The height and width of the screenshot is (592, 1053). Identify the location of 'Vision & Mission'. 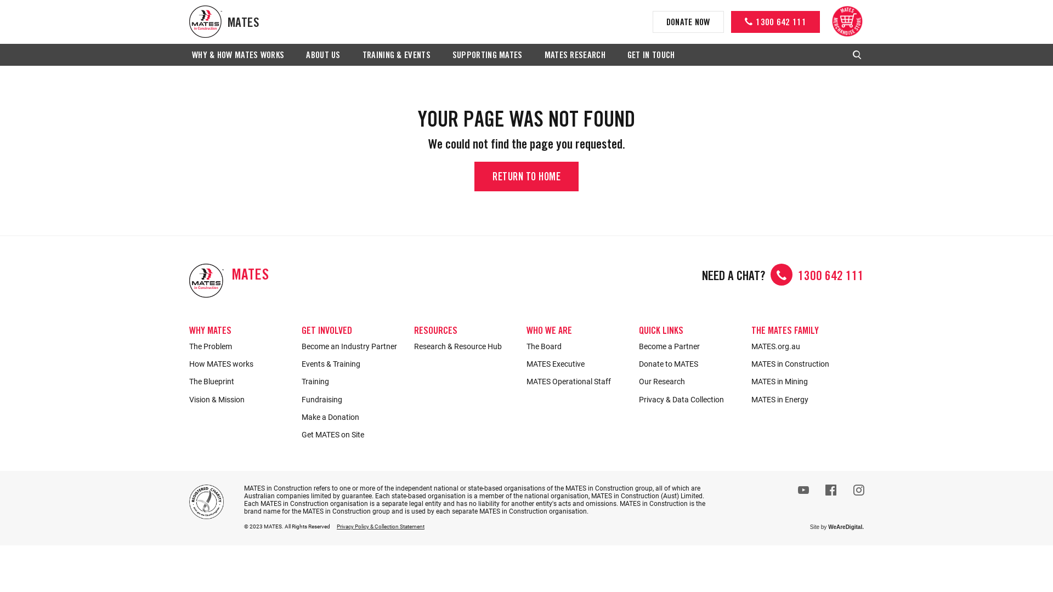
(239, 400).